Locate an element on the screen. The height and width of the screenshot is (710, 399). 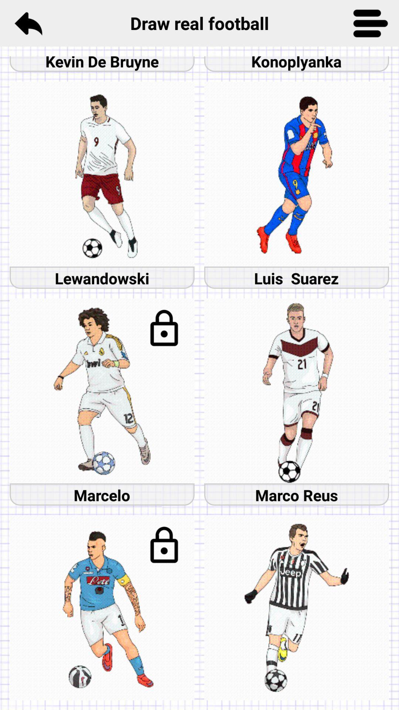
go back is located at coordinates (28, 23).